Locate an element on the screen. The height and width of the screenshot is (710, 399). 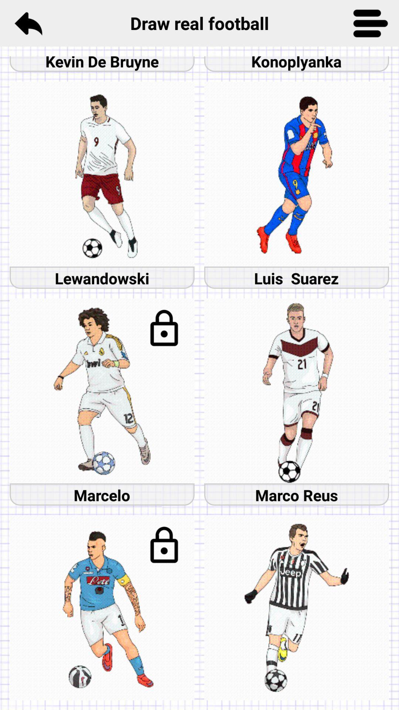
go back is located at coordinates (28, 23).